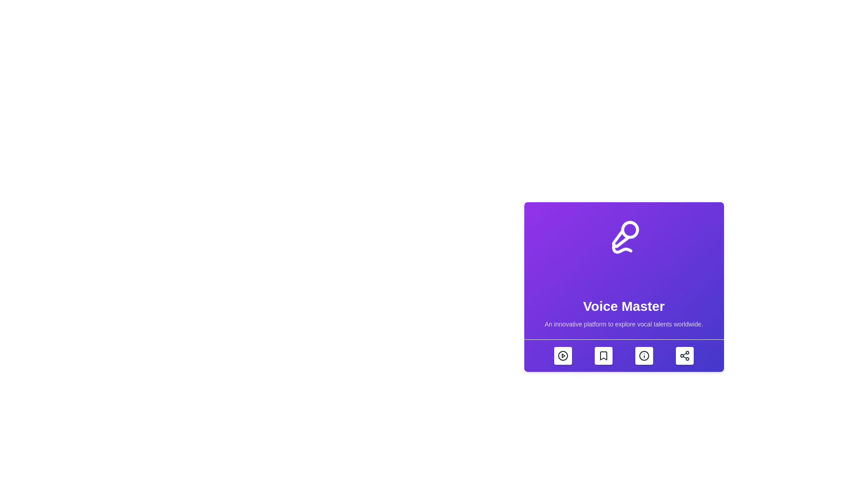 The height and width of the screenshot is (481, 856). Describe the element at coordinates (644, 355) in the screenshot. I see `the information icon button located at the center of the bottom row of icons on the purple card` at that location.